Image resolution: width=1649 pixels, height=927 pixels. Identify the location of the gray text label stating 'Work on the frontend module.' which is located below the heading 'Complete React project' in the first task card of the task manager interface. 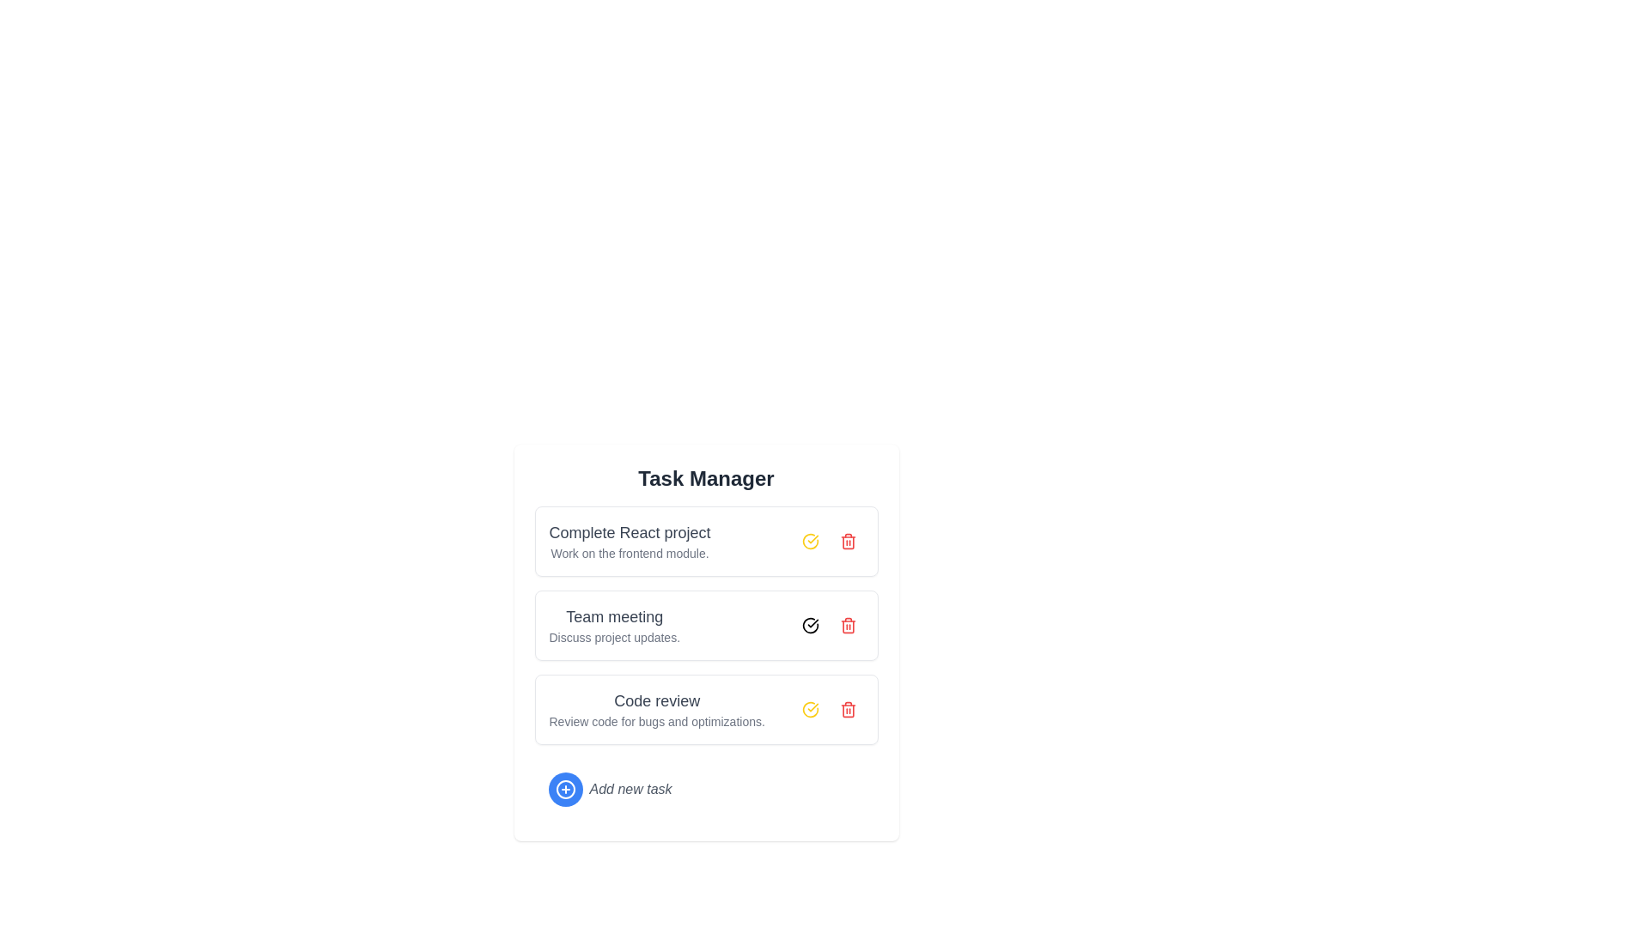
(629, 553).